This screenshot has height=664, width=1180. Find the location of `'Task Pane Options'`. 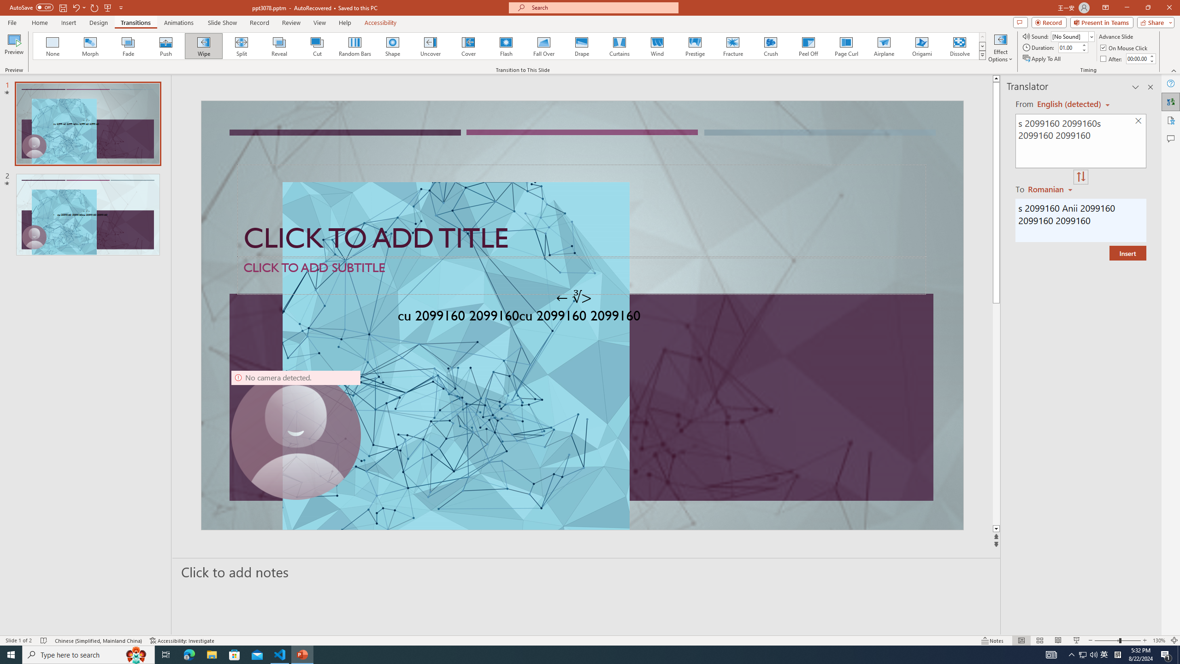

'Task Pane Options' is located at coordinates (1135, 87).